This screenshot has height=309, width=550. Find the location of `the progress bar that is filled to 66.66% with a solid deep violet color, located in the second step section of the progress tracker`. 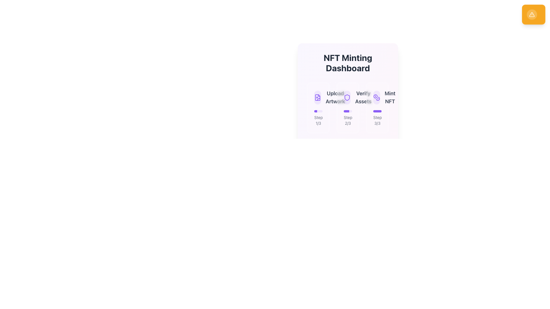

the progress bar that is filled to 66.66% with a solid deep violet color, located in the second step section of the progress tracker is located at coordinates (346, 111).